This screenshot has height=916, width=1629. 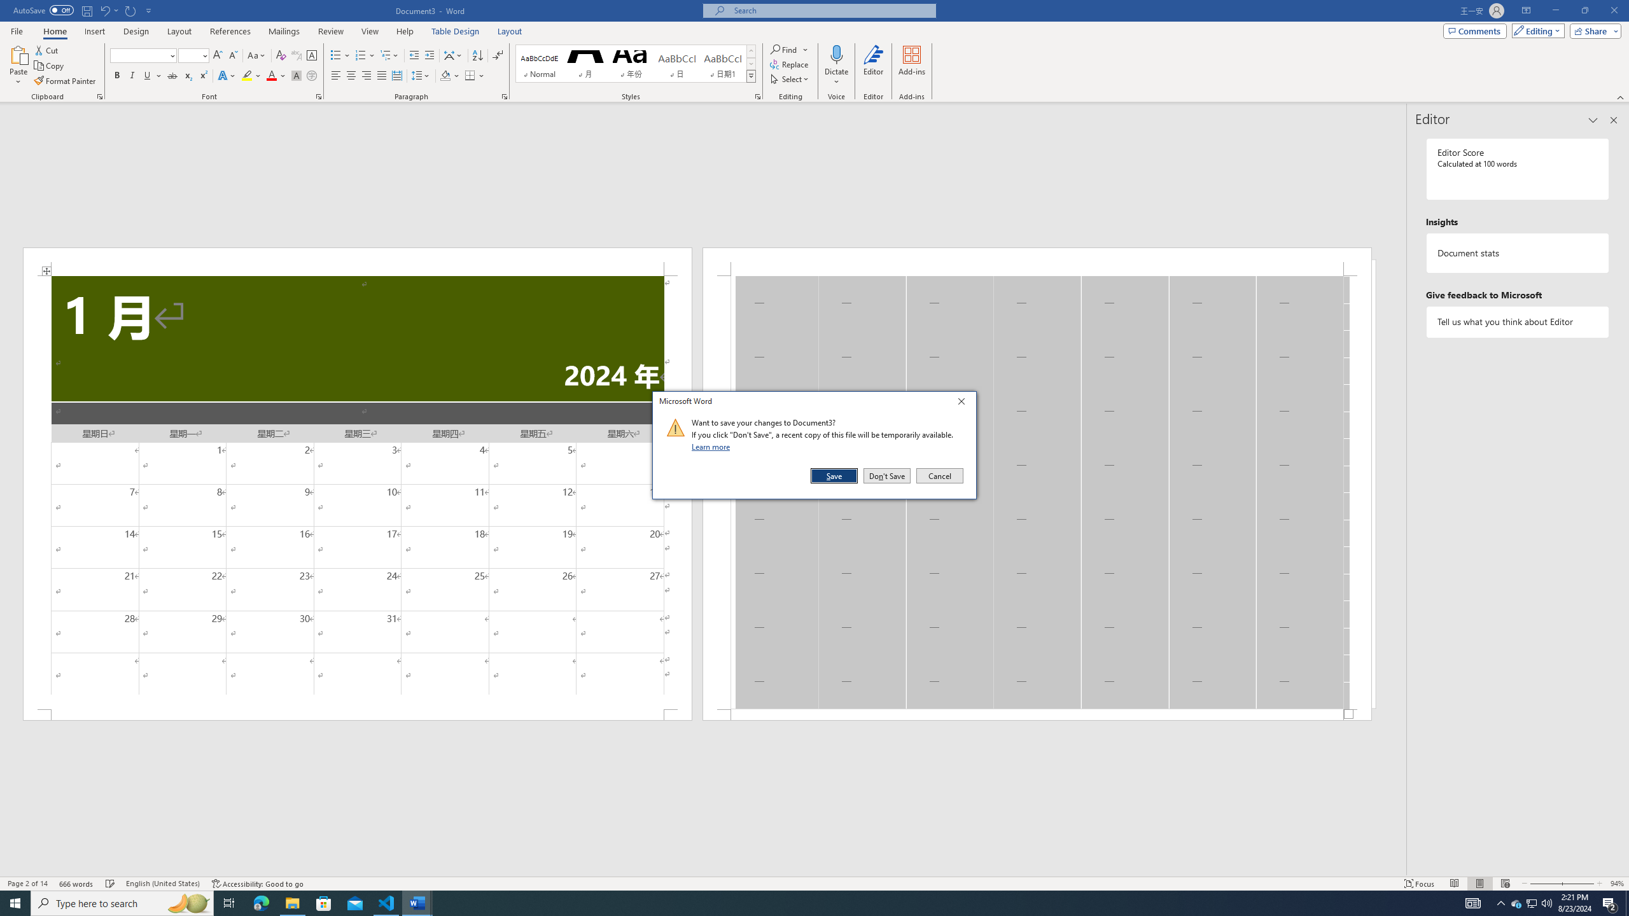 I want to click on 'Word Count 666 words', so click(x=77, y=884).